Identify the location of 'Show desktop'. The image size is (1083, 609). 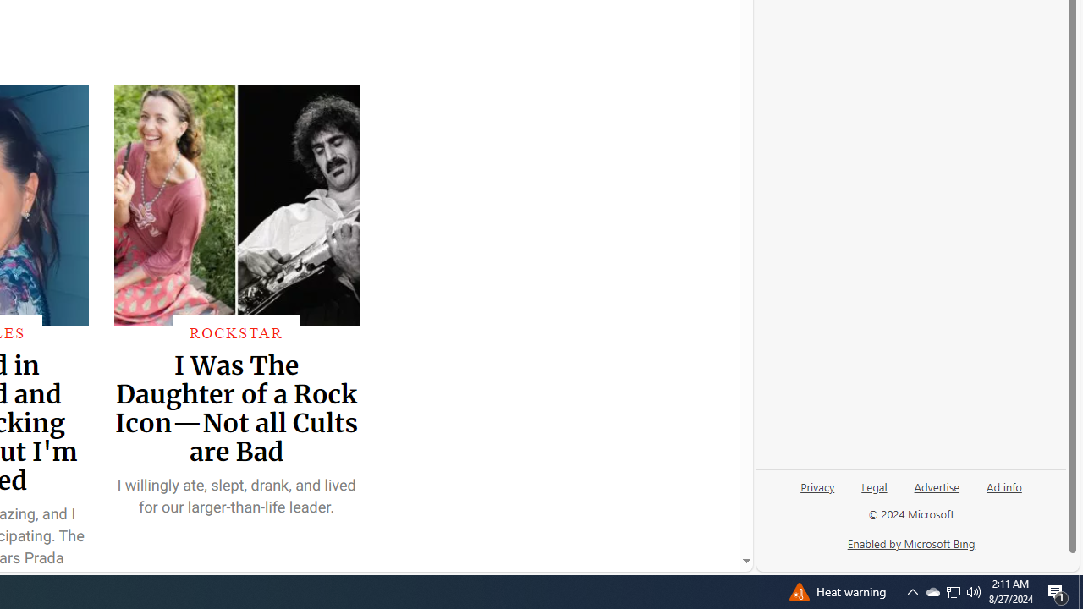
(1080, 590).